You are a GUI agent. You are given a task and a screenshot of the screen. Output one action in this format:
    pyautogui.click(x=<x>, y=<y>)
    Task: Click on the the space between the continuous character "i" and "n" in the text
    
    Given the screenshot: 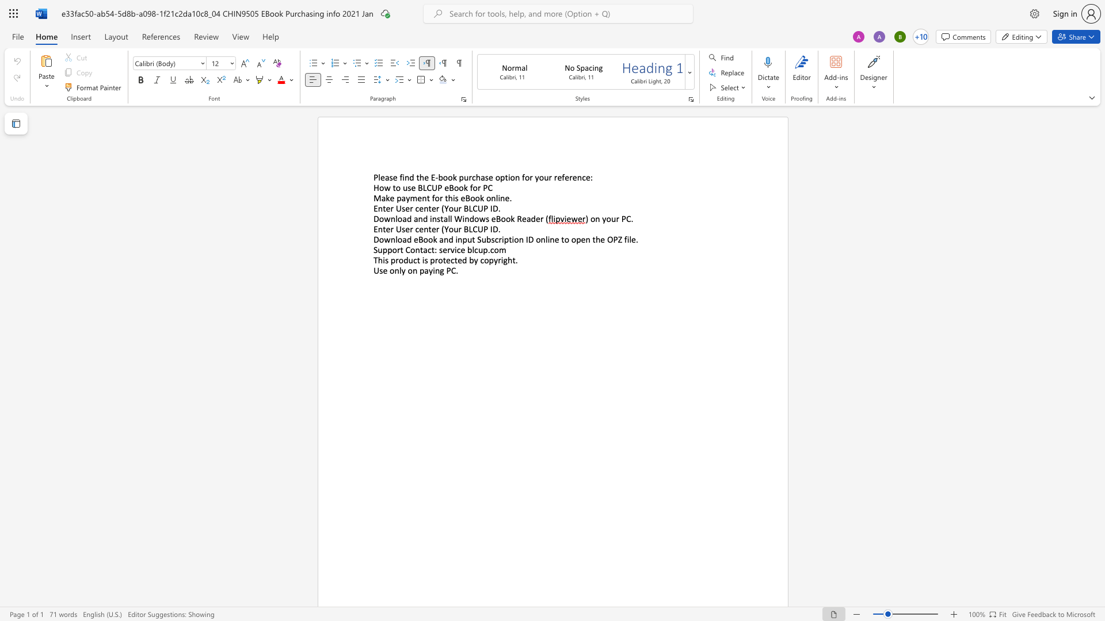 What is the action you would take?
    pyautogui.click(x=435, y=270)
    